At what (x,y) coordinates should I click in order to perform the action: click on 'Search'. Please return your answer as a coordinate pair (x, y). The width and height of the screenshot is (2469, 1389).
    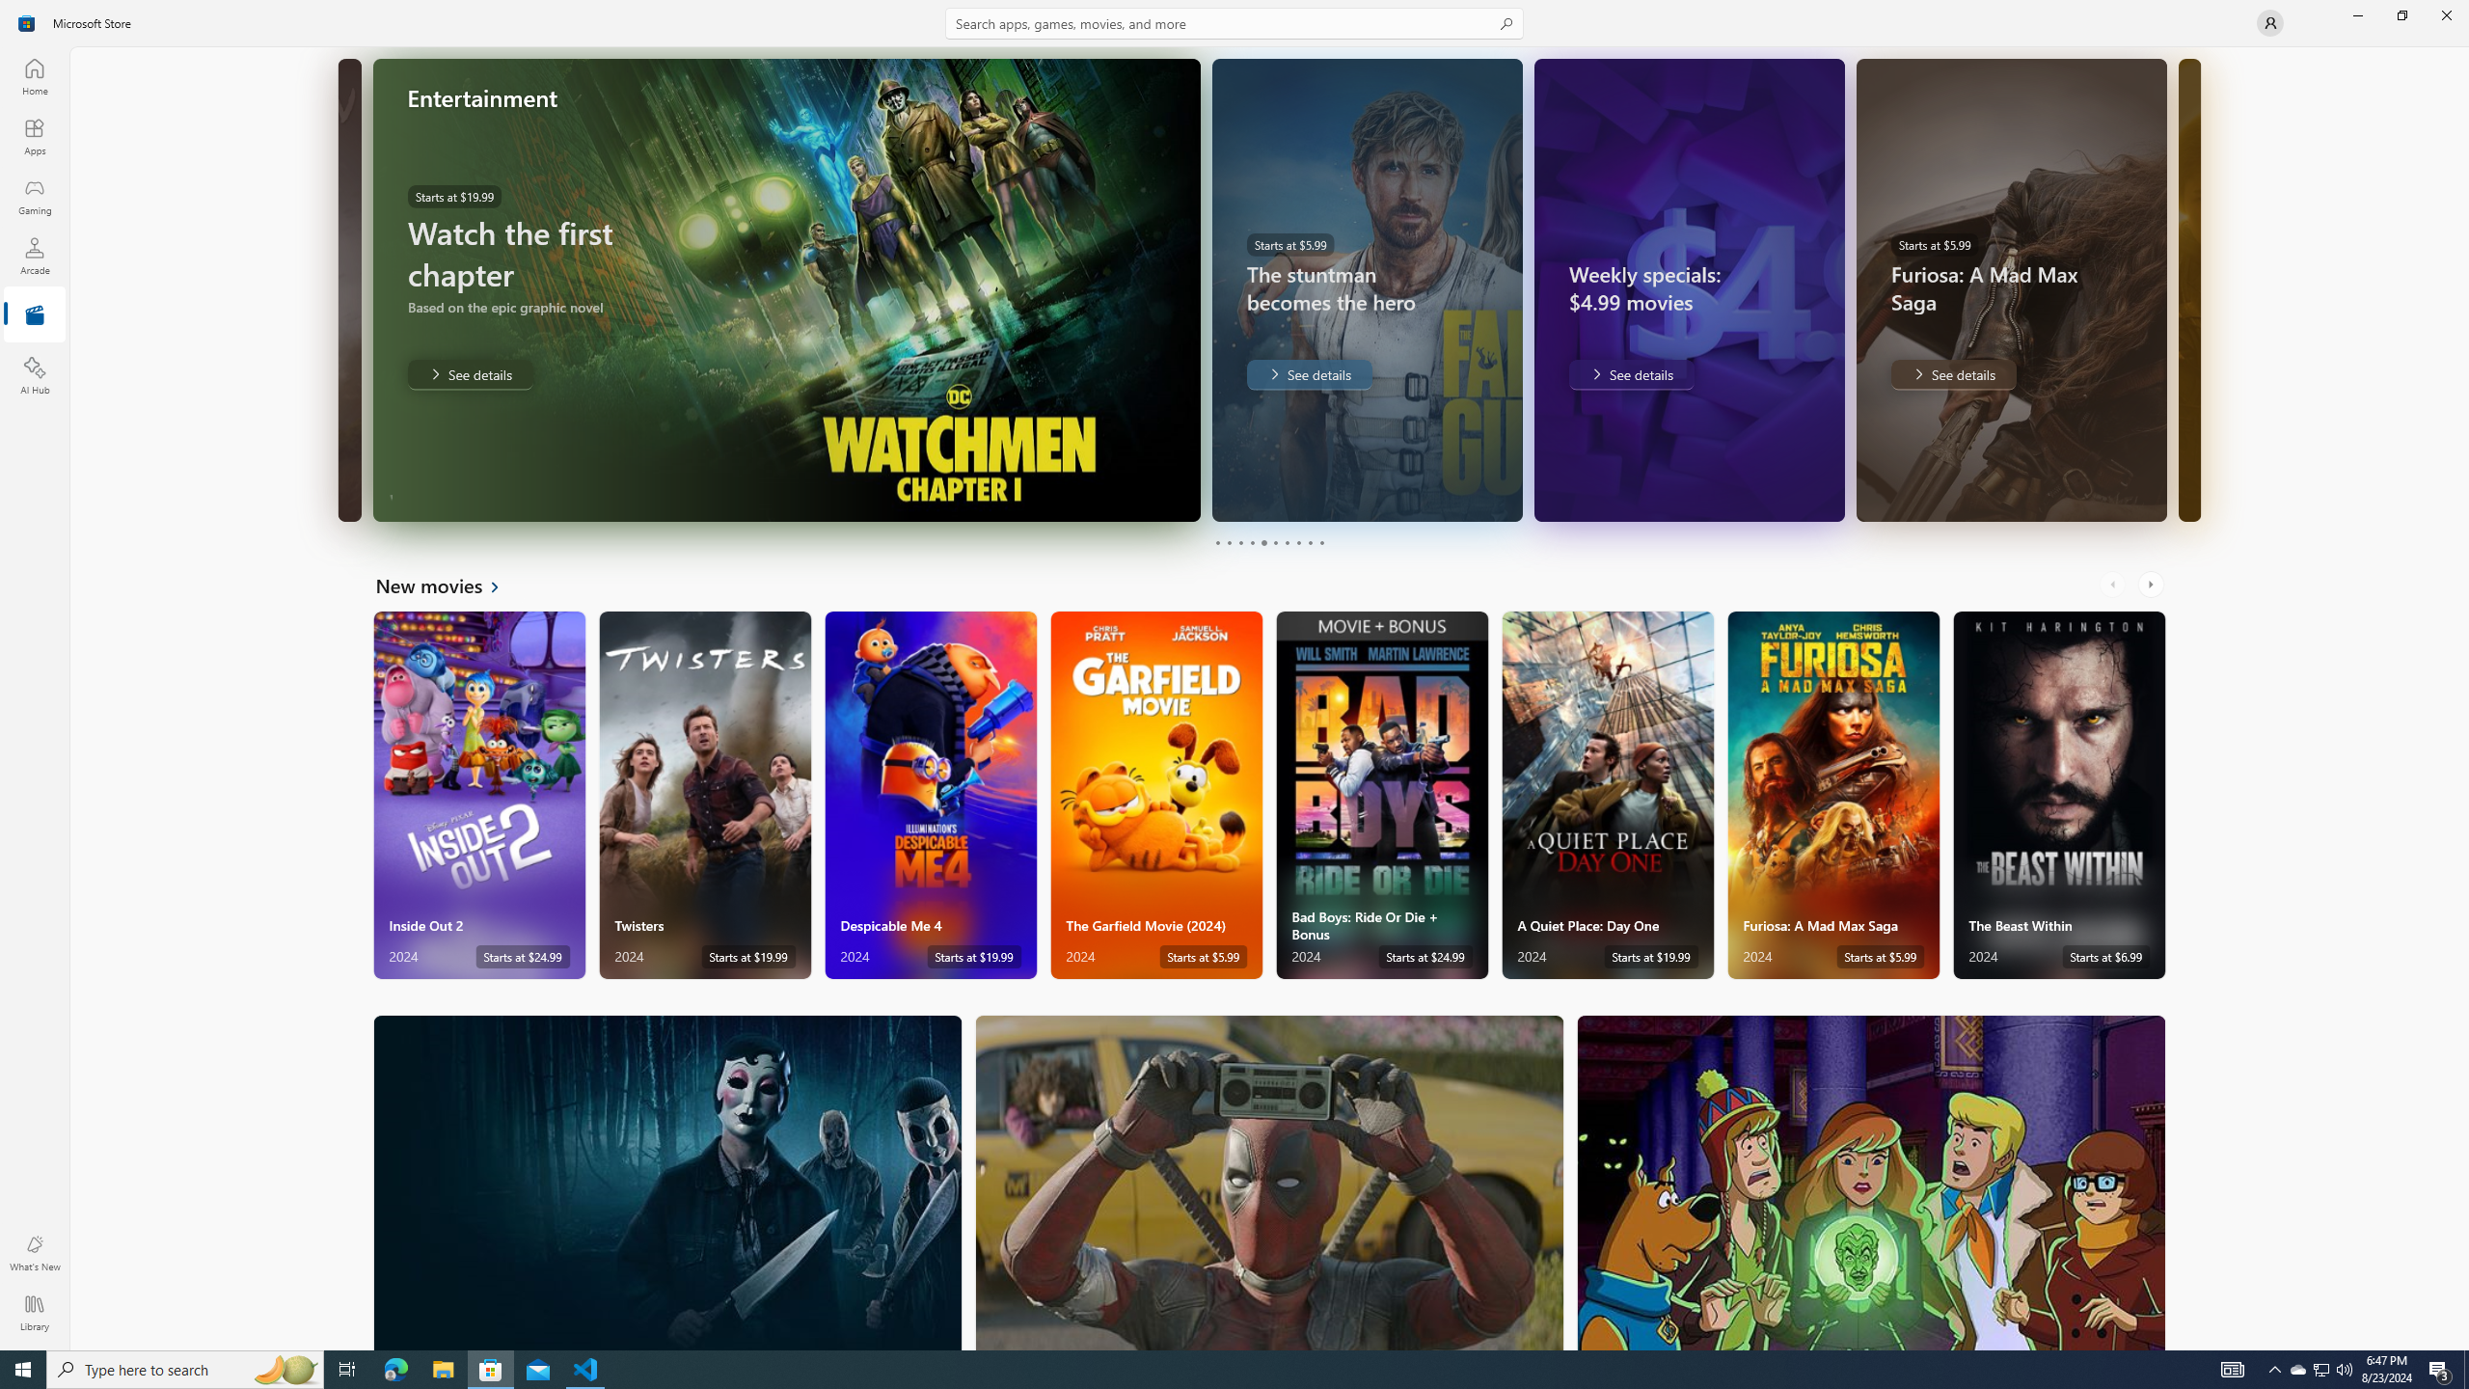
    Looking at the image, I should click on (1234, 22).